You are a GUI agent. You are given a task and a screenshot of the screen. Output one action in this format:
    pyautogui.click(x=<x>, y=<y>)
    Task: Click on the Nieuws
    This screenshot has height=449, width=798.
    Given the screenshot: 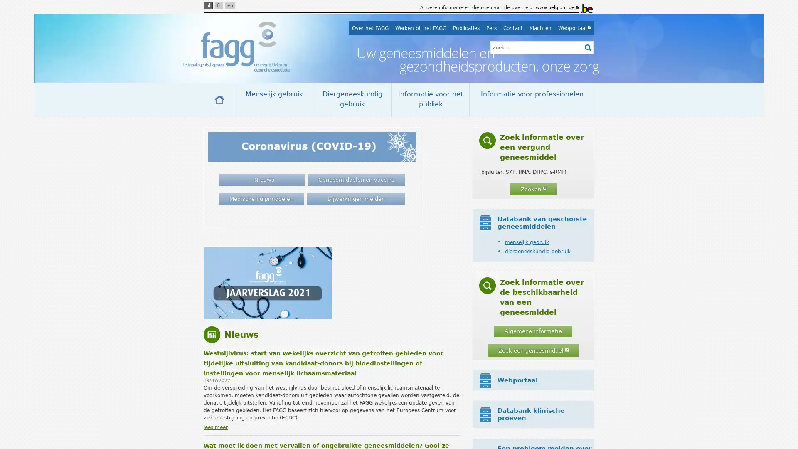 What is the action you would take?
    pyautogui.click(x=261, y=179)
    